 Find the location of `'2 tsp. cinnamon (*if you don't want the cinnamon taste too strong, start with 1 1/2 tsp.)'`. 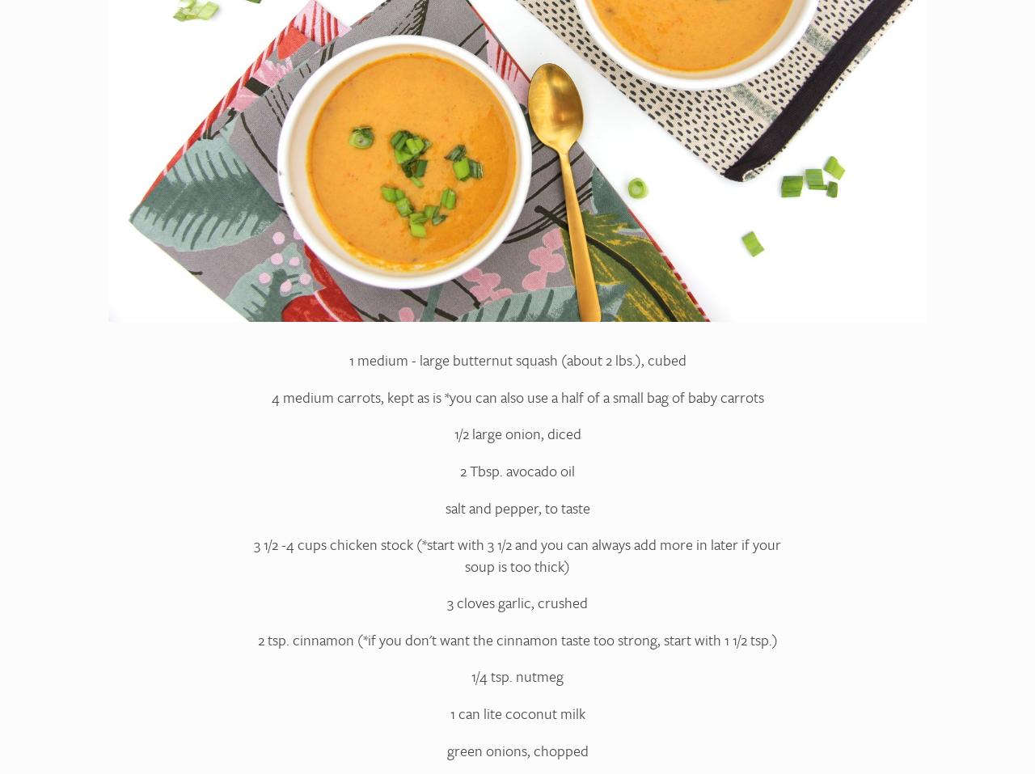

'2 tsp. cinnamon (*if you don't want the cinnamon taste too strong, start with 1 1/2 tsp.)' is located at coordinates (516, 638).